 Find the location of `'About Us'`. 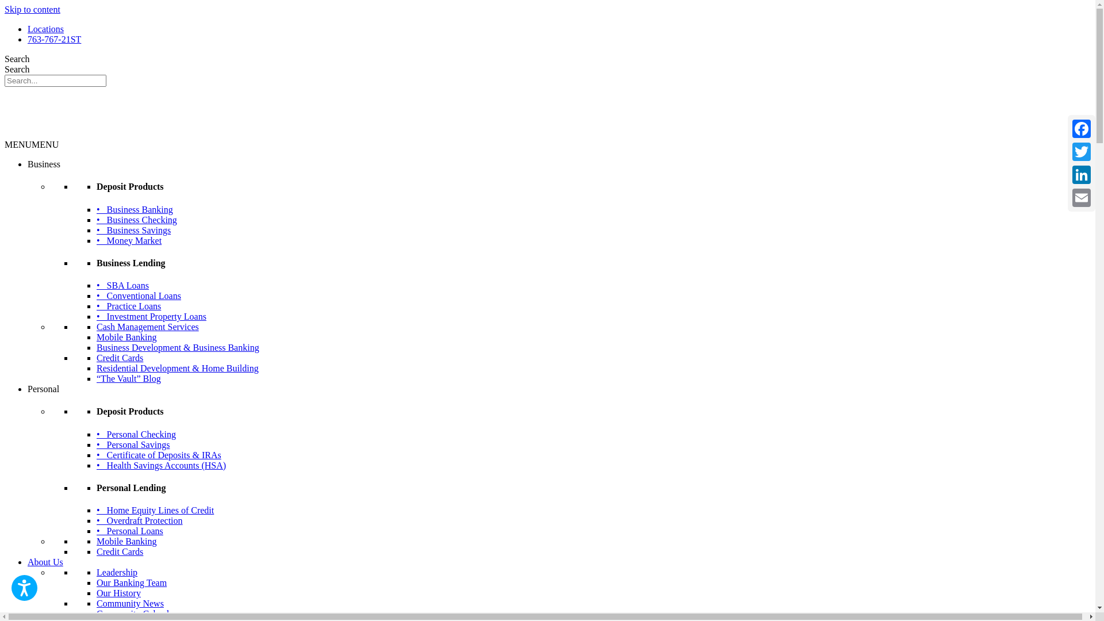

'About Us' is located at coordinates (45, 561).